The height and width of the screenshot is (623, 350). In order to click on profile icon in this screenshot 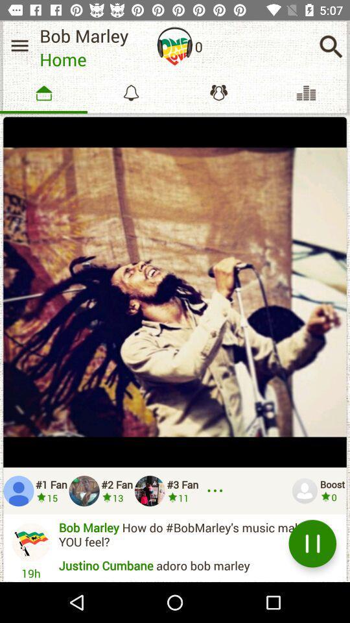, I will do `click(305, 490)`.